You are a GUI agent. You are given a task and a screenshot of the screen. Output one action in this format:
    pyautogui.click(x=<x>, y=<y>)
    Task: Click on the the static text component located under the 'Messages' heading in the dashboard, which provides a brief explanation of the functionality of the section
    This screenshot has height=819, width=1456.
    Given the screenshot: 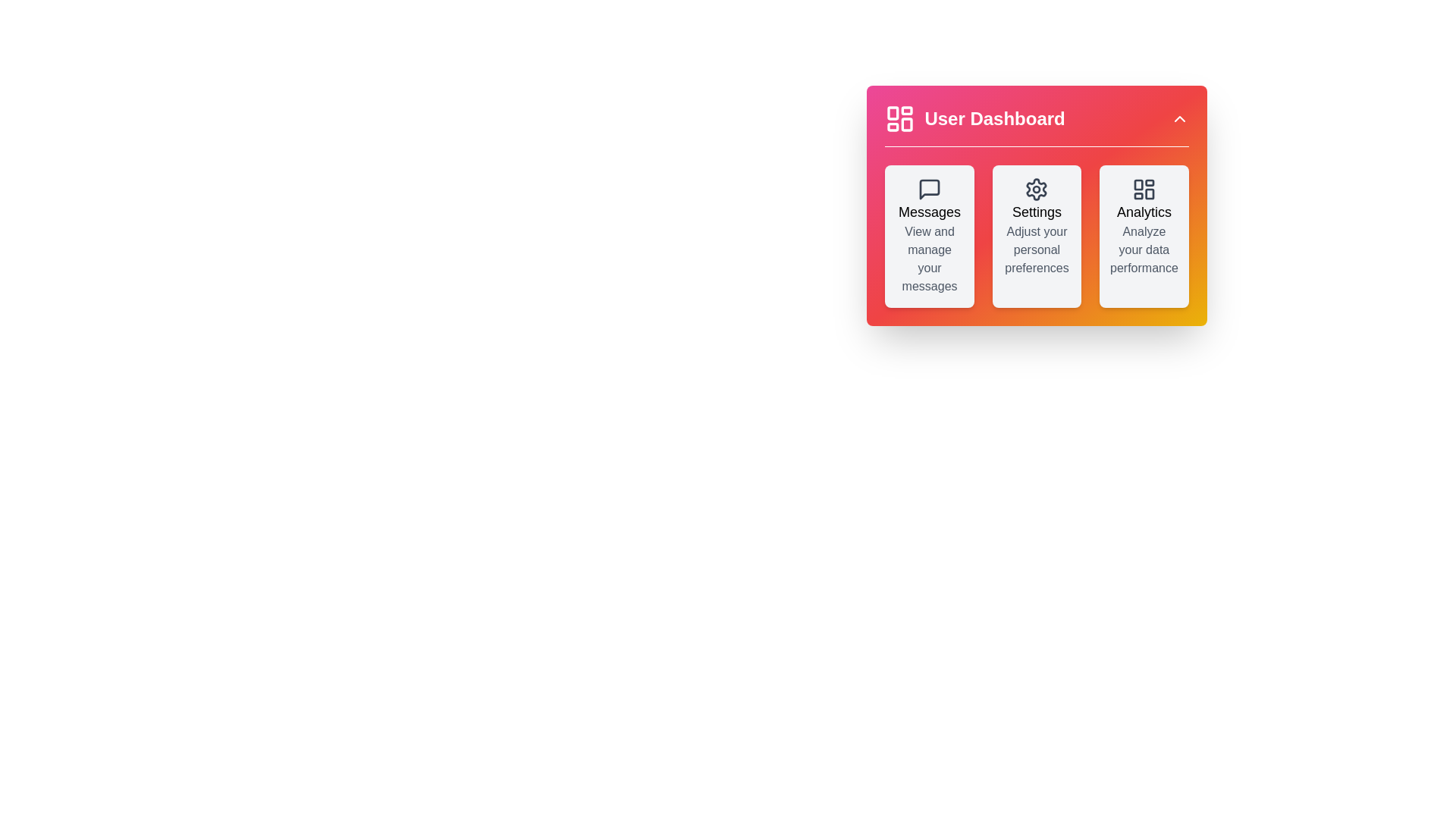 What is the action you would take?
    pyautogui.click(x=929, y=259)
    